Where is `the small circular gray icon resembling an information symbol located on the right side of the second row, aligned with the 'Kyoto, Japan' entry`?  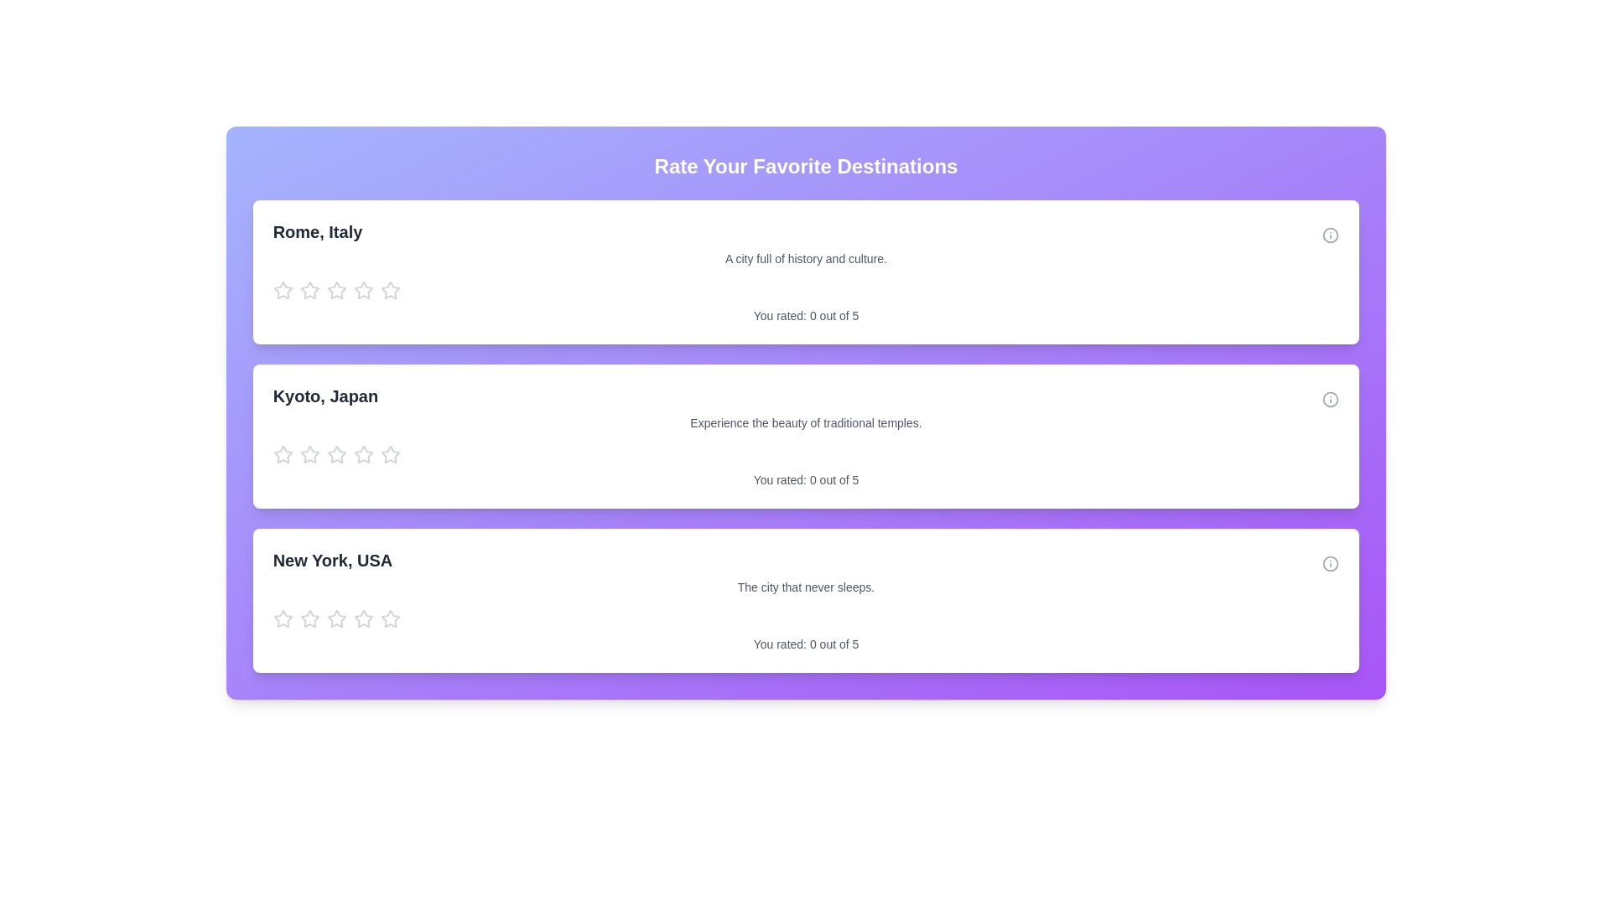
the small circular gray icon resembling an information symbol located on the right side of the second row, aligned with the 'Kyoto, Japan' entry is located at coordinates (1330, 400).